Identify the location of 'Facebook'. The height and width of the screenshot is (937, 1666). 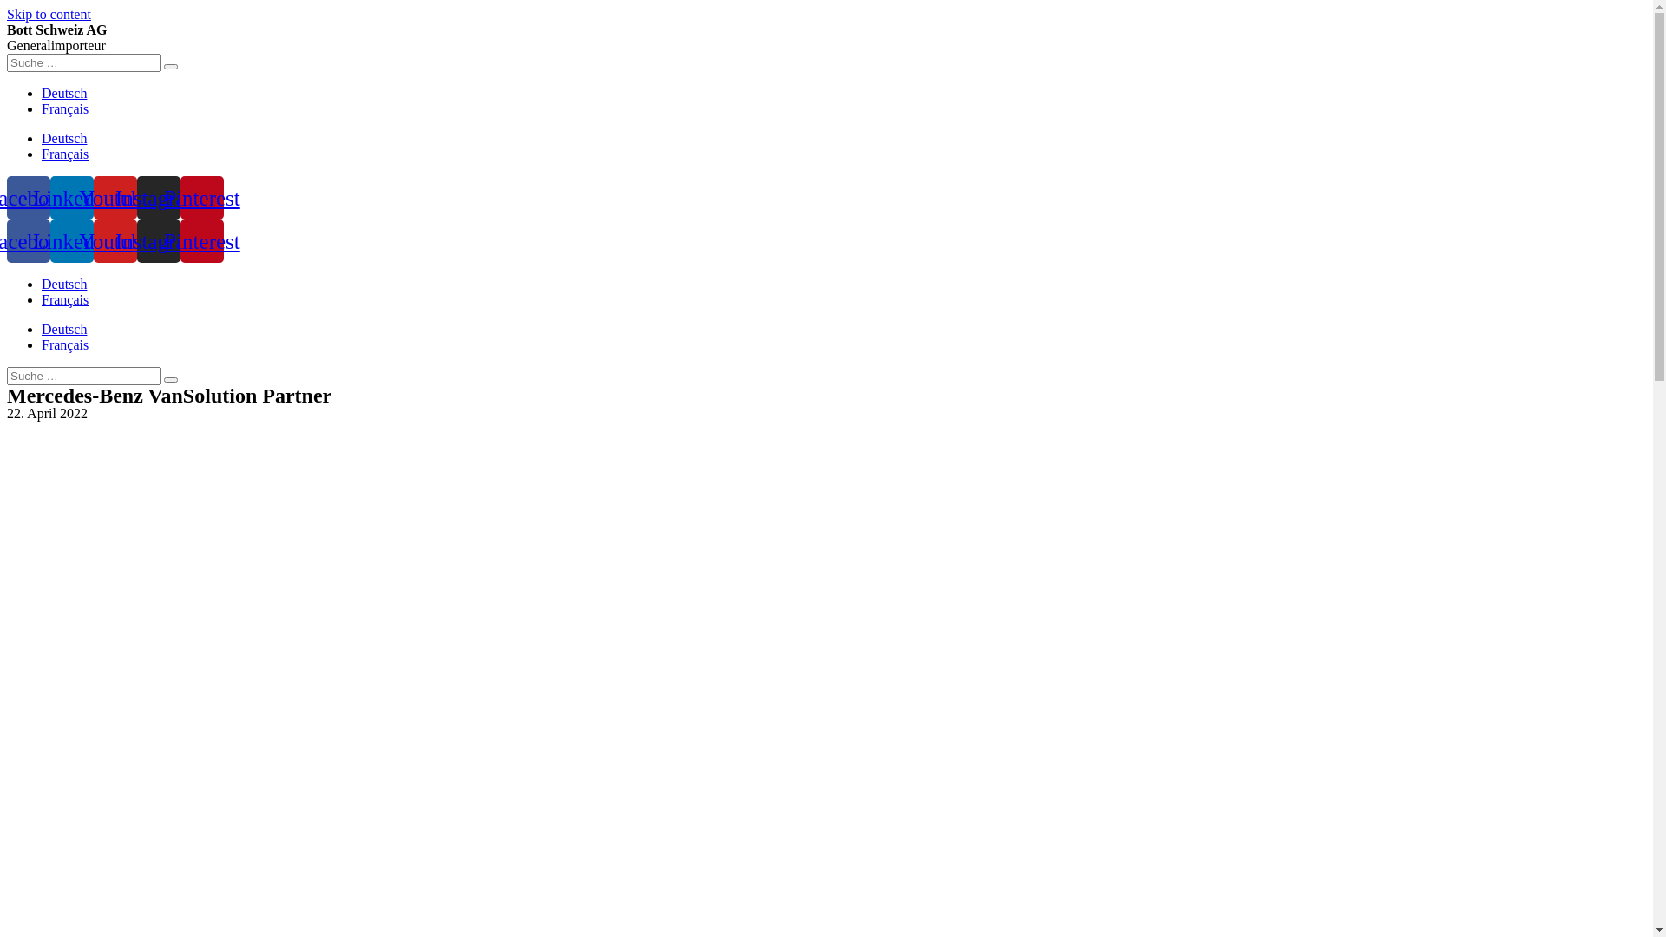
(7, 196).